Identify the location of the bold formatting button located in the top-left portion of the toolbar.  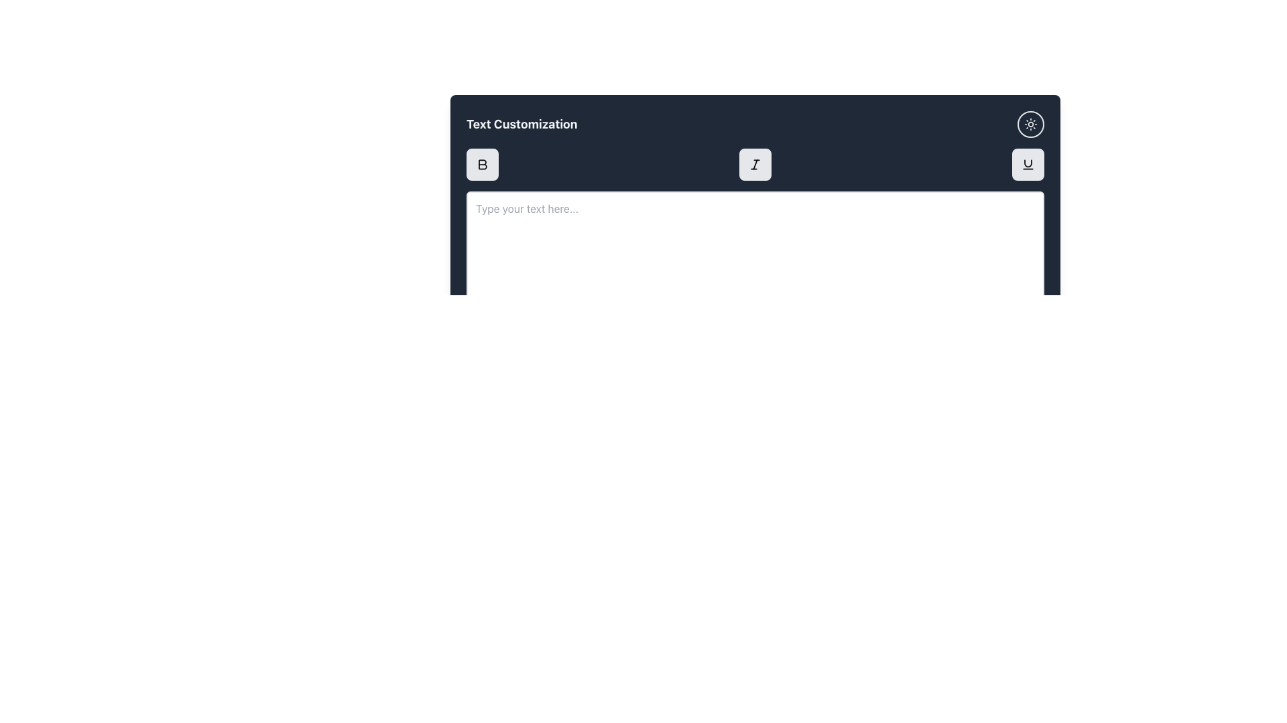
(483, 164).